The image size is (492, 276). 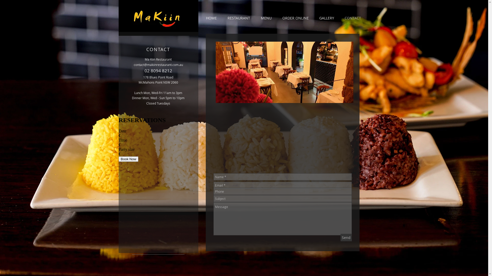 What do you see at coordinates (266, 18) in the screenshot?
I see `'MENU'` at bounding box center [266, 18].